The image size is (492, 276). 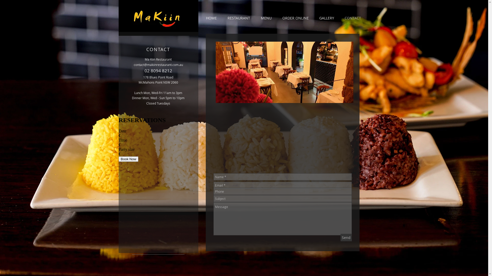 What do you see at coordinates (266, 18) in the screenshot?
I see `'MENU'` at bounding box center [266, 18].